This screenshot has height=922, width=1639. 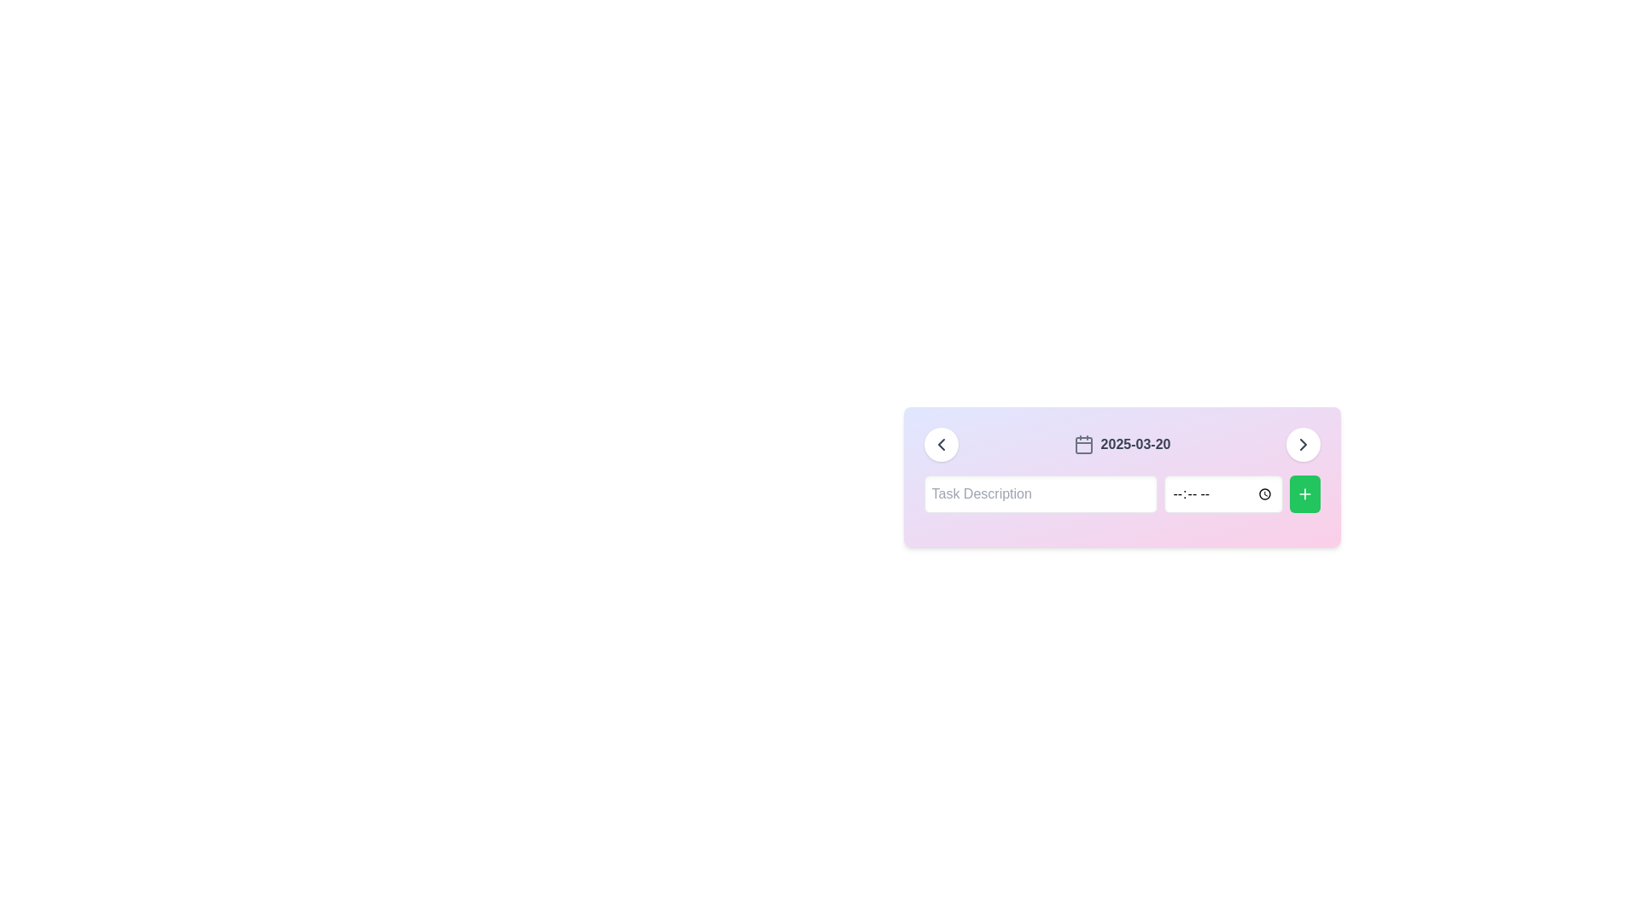 I want to click on the green rectangular button with rounded corners that features a white plus icon in the center, so click(x=1304, y=493).